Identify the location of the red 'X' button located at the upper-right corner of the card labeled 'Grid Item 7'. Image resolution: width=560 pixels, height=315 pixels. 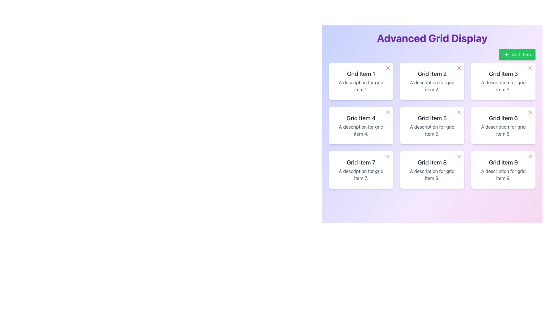
(388, 156).